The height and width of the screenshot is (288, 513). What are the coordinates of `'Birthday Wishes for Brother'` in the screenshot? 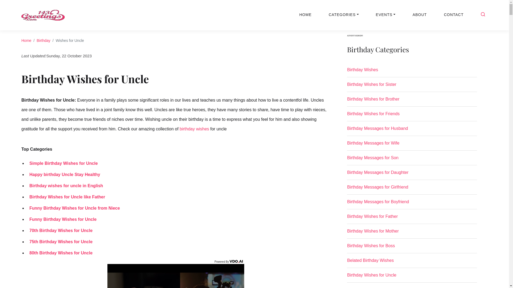 It's located at (347, 101).